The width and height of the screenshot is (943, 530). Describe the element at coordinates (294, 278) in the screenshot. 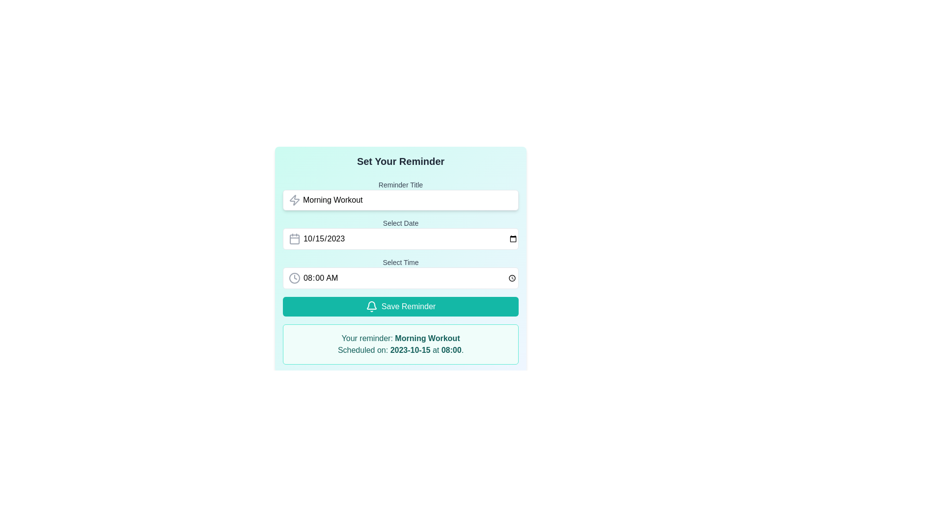

I see `the clock icon located to the left of the time input field, which serves as a decorative element indicating time selection` at that location.